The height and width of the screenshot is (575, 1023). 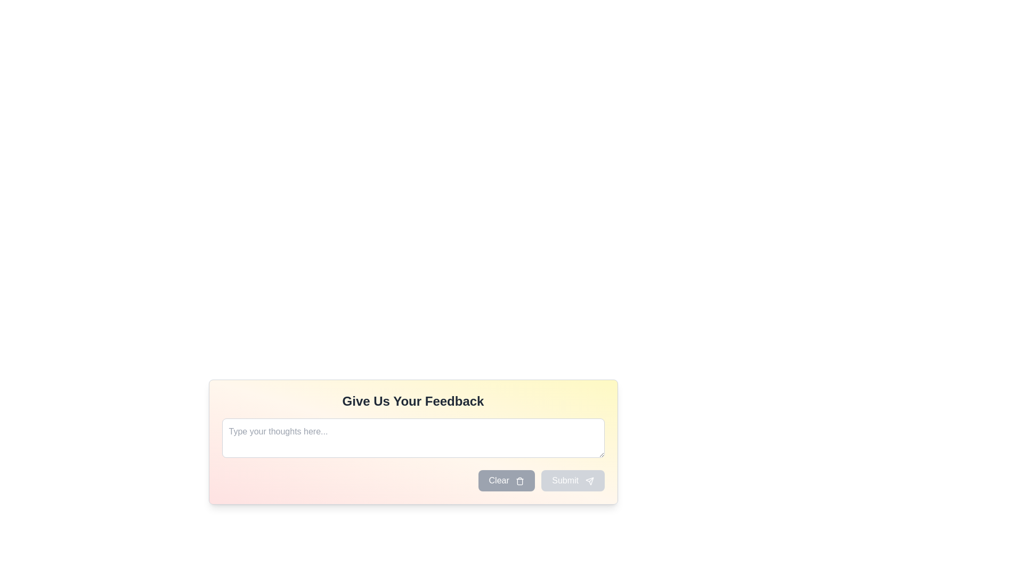 I want to click on graphical icon segment resembling a paper airplane, which is part of the 'Submit' button in the bottom-right corner of the interface, so click(x=589, y=481).